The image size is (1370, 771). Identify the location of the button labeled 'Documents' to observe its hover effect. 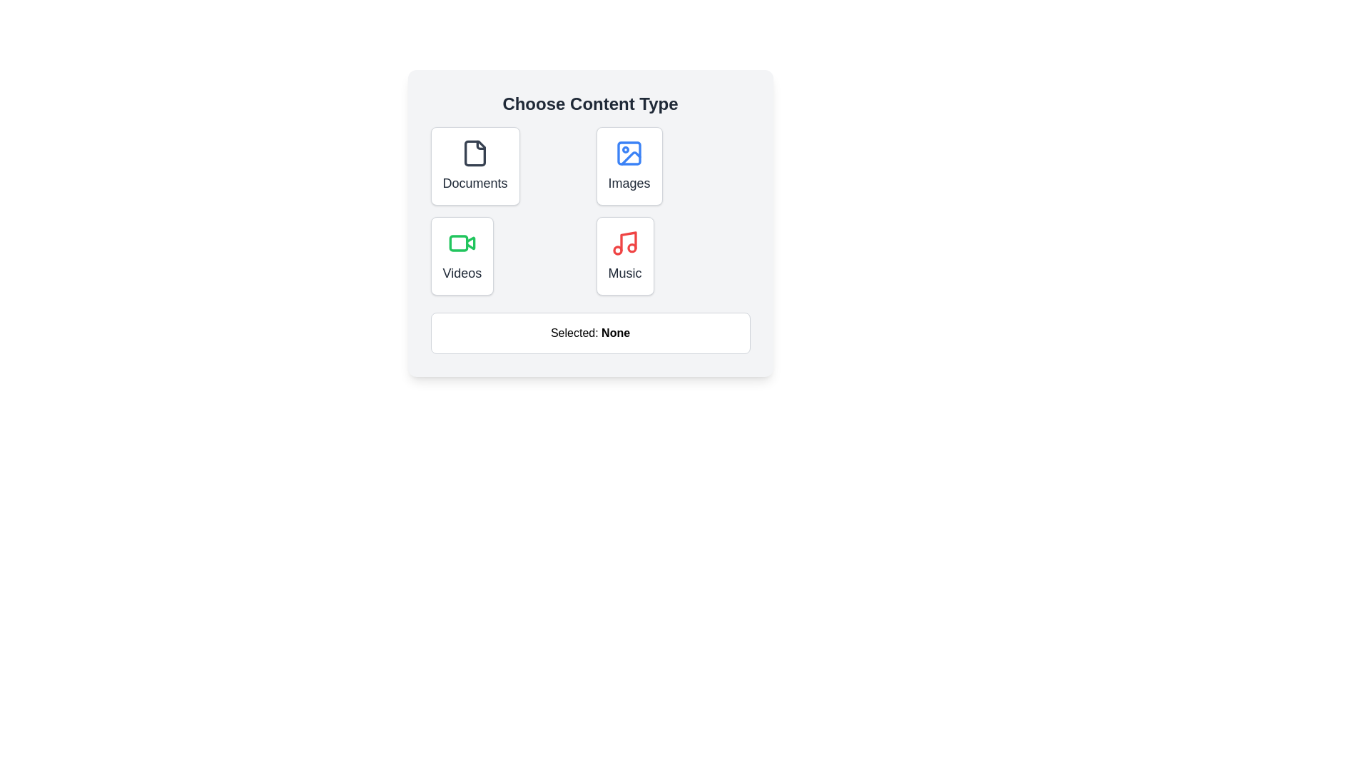
(475, 165).